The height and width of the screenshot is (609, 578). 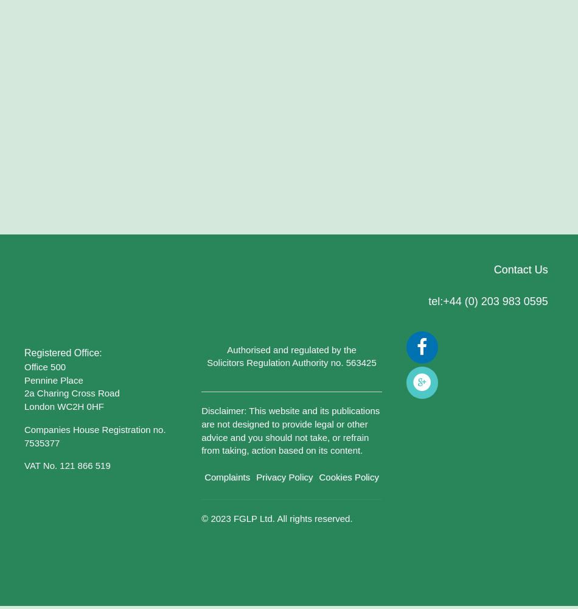 What do you see at coordinates (45, 365) in the screenshot?
I see `'Office 500'` at bounding box center [45, 365].